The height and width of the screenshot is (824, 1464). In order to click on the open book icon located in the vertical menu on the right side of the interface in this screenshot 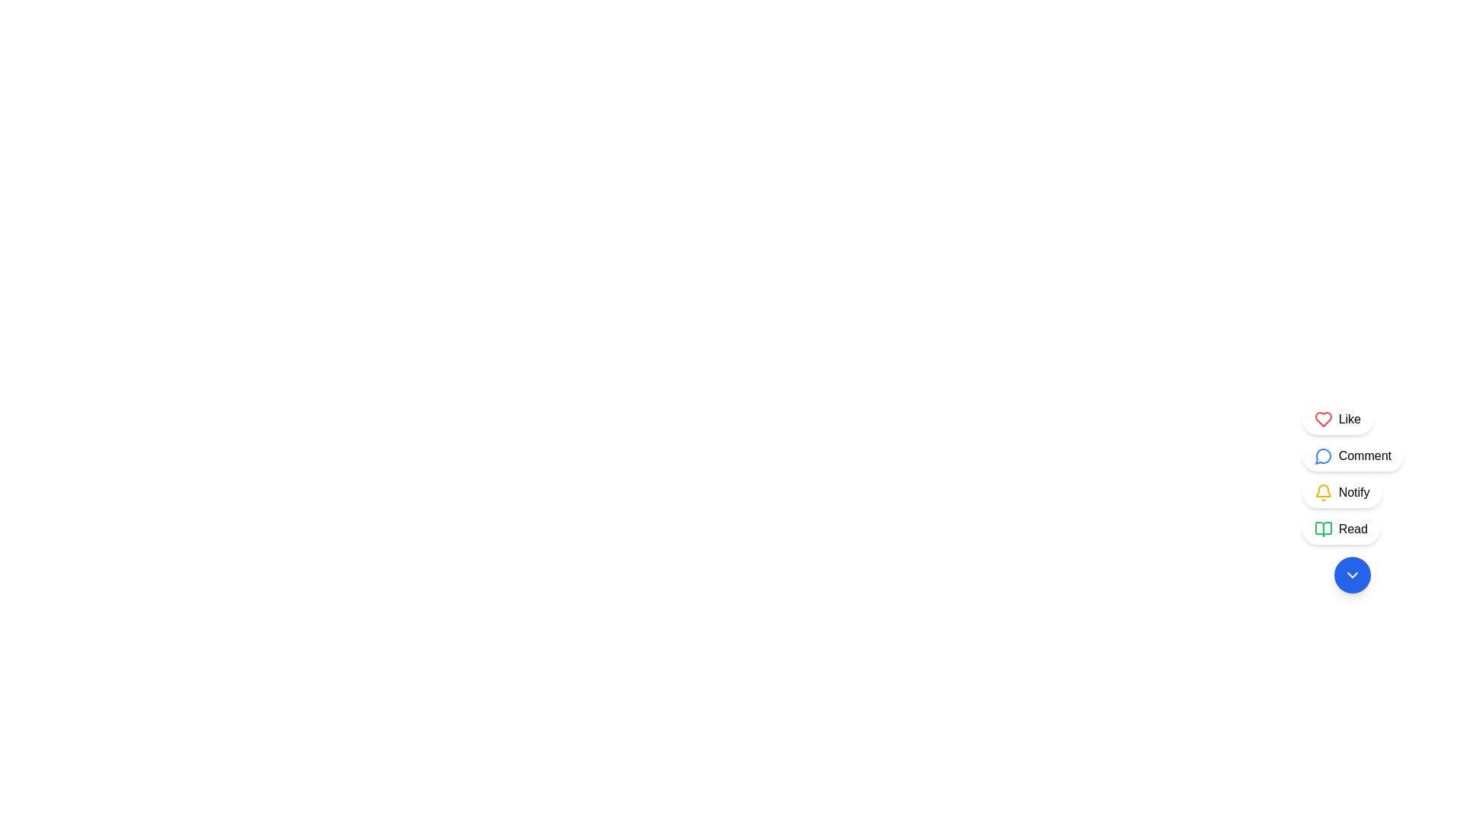, I will do `click(1322, 529)`.